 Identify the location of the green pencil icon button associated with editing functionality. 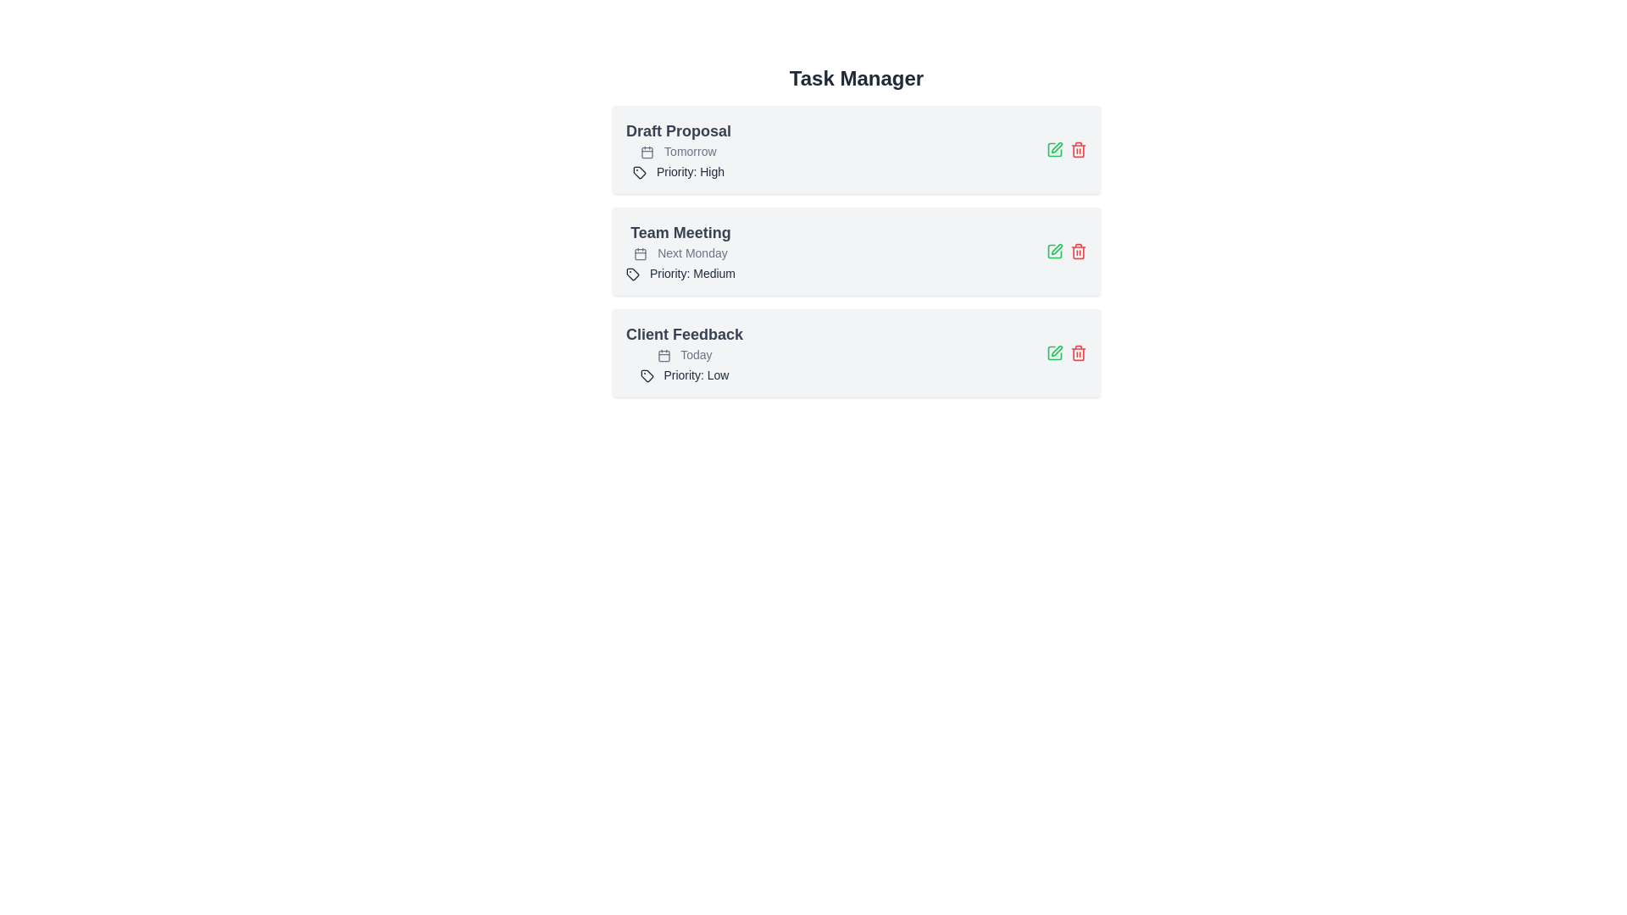
(1053, 149).